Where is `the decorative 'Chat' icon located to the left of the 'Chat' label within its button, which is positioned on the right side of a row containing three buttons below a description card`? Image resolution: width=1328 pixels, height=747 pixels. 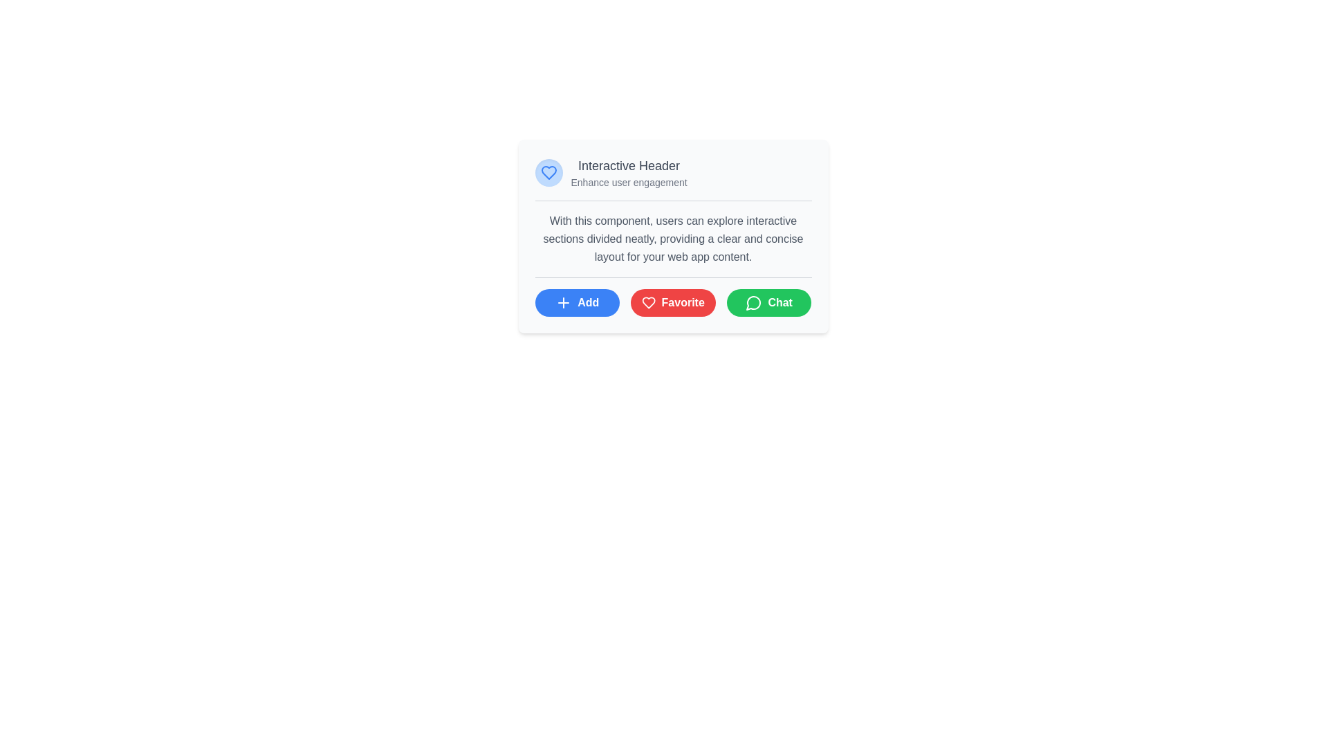
the decorative 'Chat' icon located to the left of the 'Chat' label within its button, which is positioned on the right side of a row containing three buttons below a description card is located at coordinates (753, 302).